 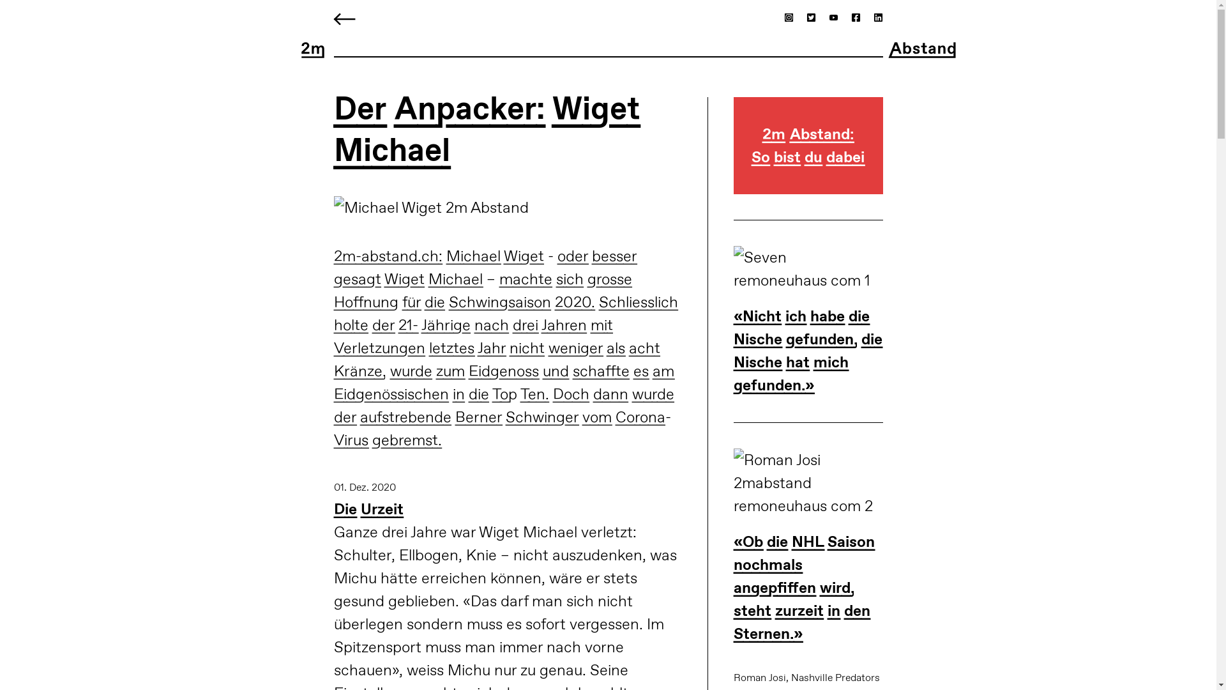 What do you see at coordinates (808, 158) in the screenshot?
I see `'2m Abstand:` at bounding box center [808, 158].